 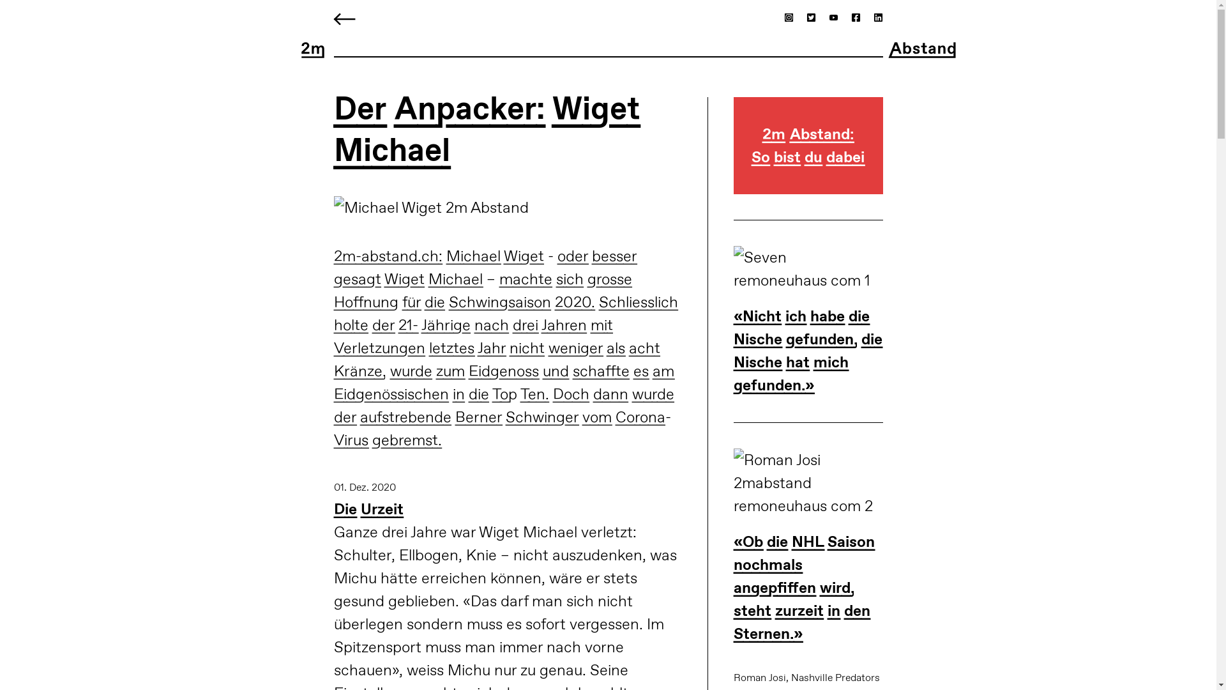 What do you see at coordinates (808, 158) in the screenshot?
I see `'2m Abstand:` at bounding box center [808, 158].